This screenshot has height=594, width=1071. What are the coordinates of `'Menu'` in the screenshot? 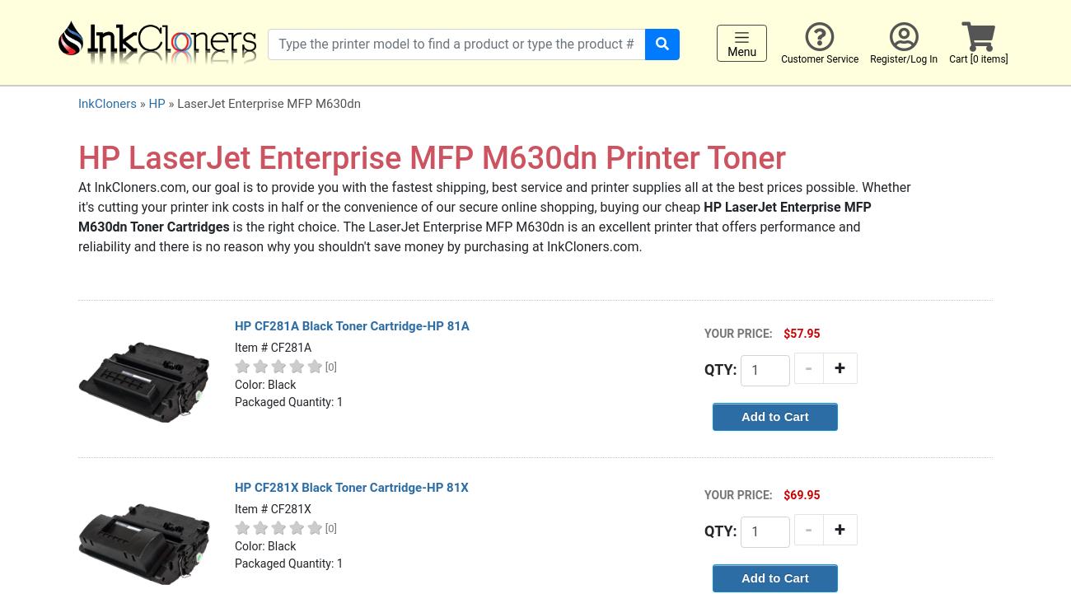 It's located at (741, 51).